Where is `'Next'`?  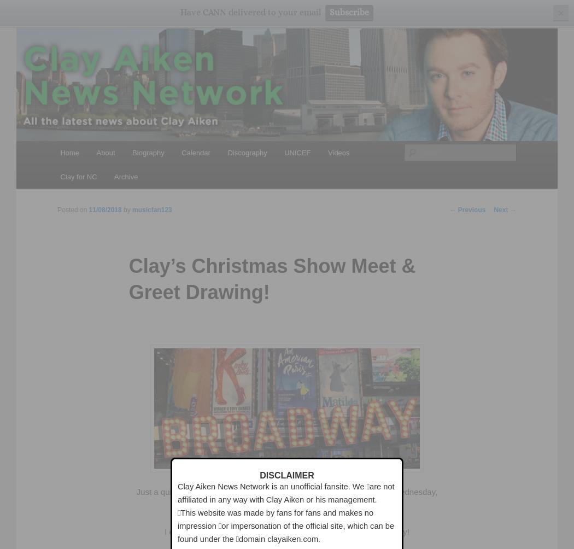 'Next' is located at coordinates (501, 209).